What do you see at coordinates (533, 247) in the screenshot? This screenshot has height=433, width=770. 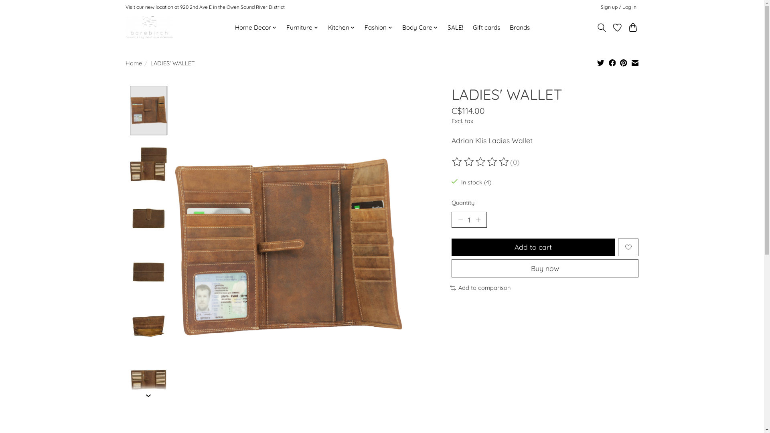 I see `'Add to cart'` at bounding box center [533, 247].